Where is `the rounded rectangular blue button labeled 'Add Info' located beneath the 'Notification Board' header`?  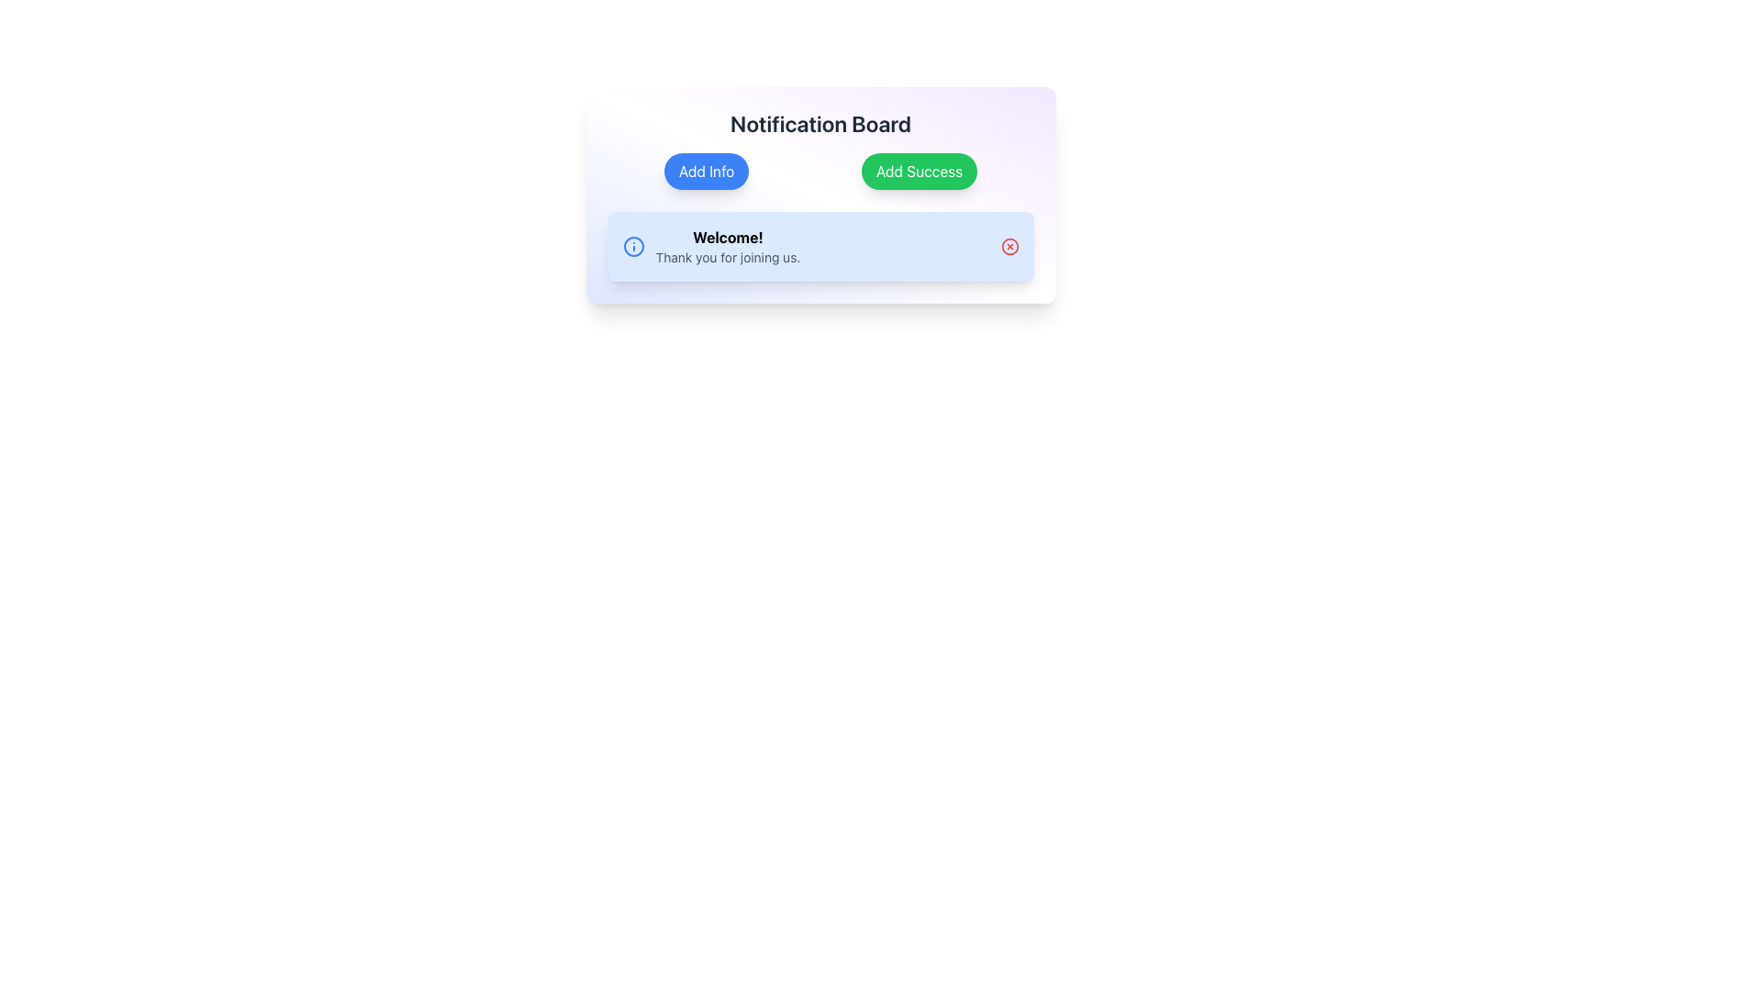 the rounded rectangular blue button labeled 'Add Info' located beneath the 'Notification Board' header is located at coordinates (706, 171).